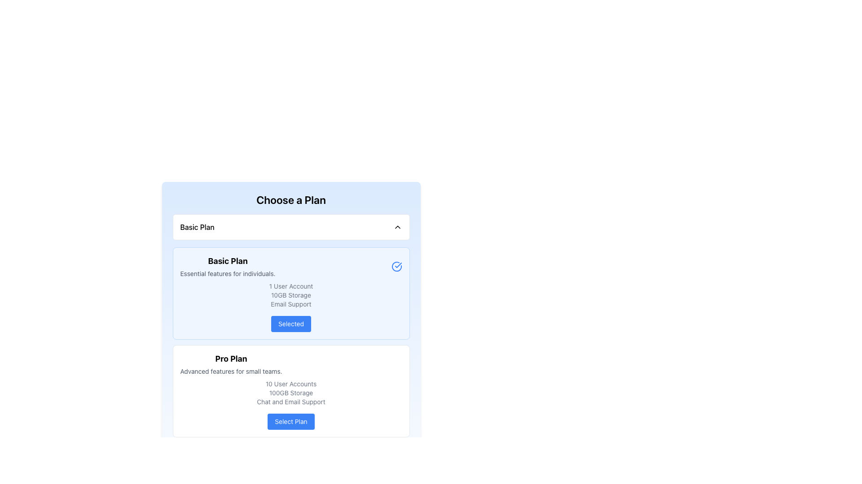  What do you see at coordinates (291, 295) in the screenshot?
I see `text displayed in the Text Display Group that contains details about the Basic Plan, including '1 User Account,' '10GB Storage,' and 'Email Support.'` at bounding box center [291, 295].